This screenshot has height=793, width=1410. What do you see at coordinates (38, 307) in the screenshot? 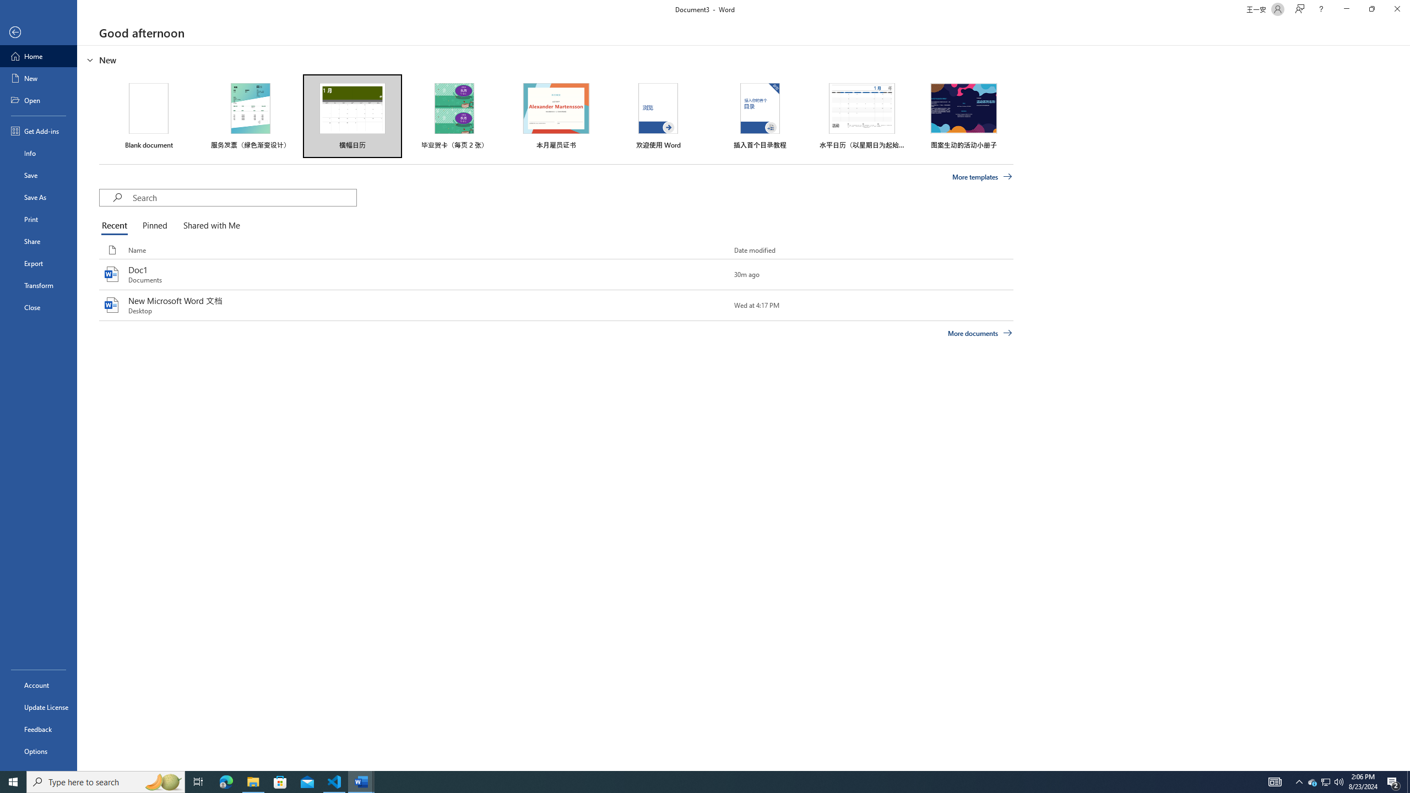
I see `'Close'` at bounding box center [38, 307].